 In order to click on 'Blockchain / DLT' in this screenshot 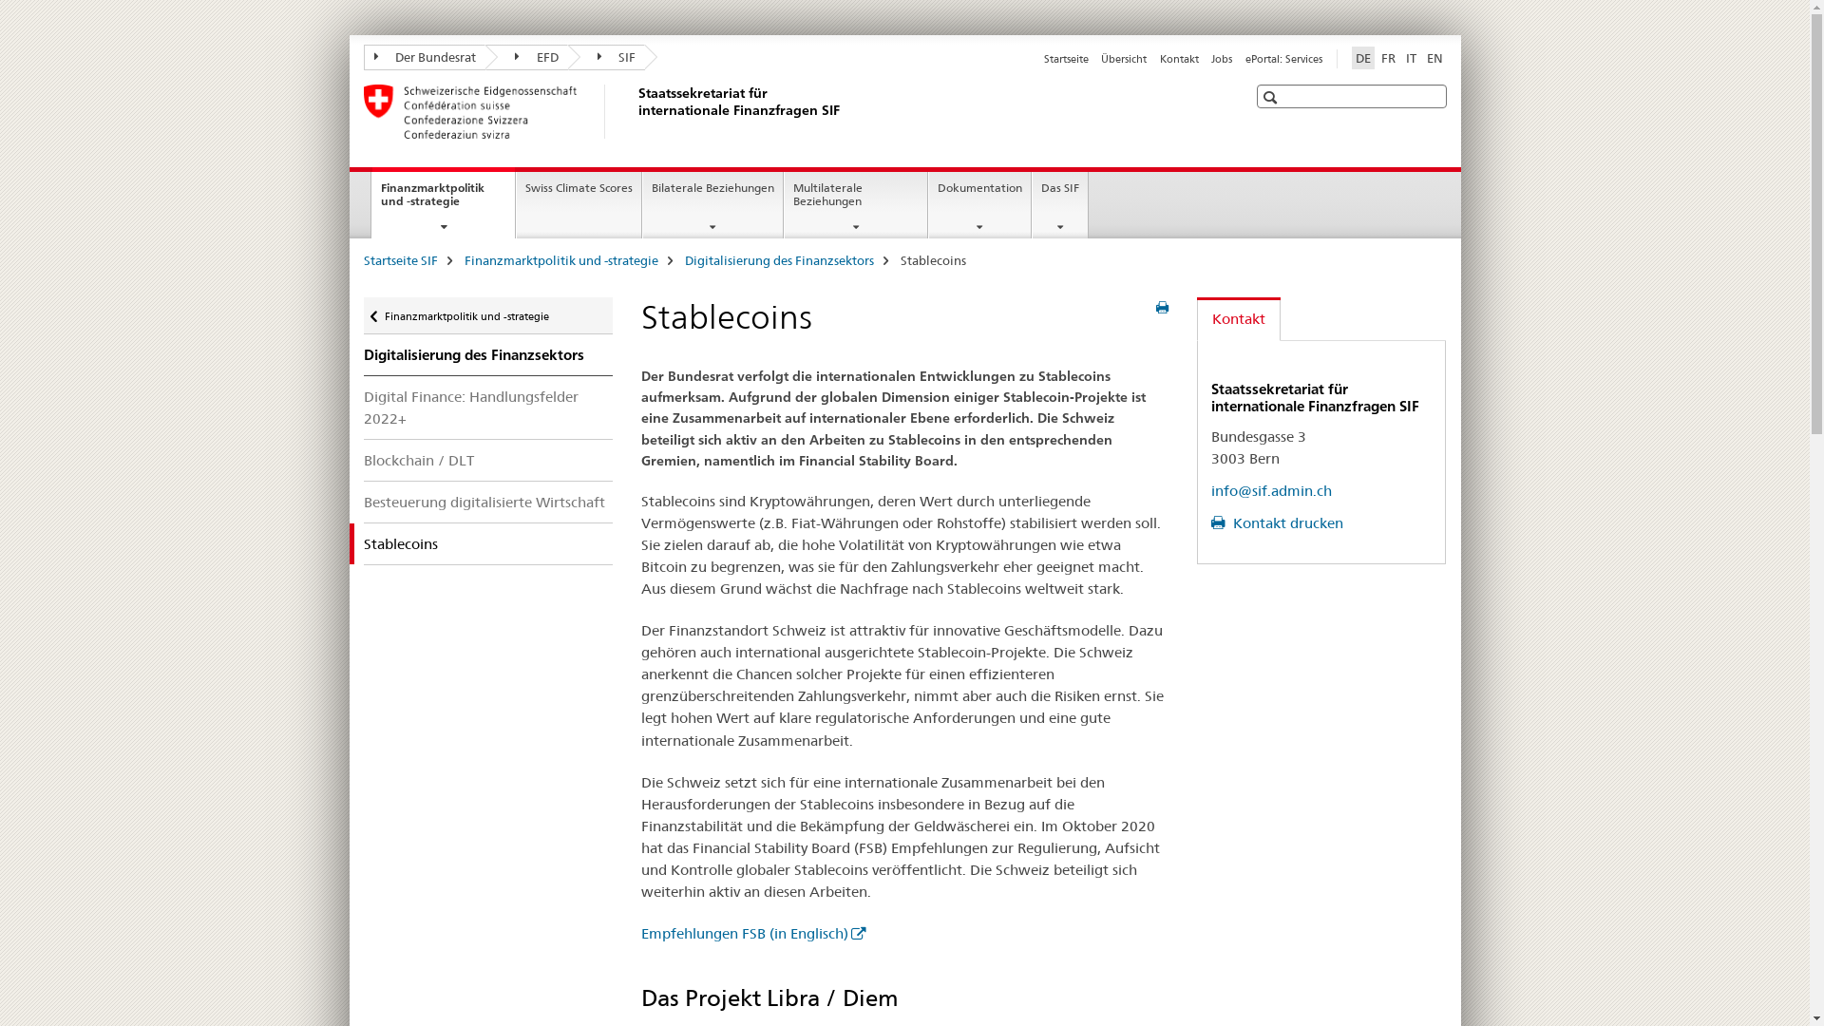, I will do `click(487, 460)`.